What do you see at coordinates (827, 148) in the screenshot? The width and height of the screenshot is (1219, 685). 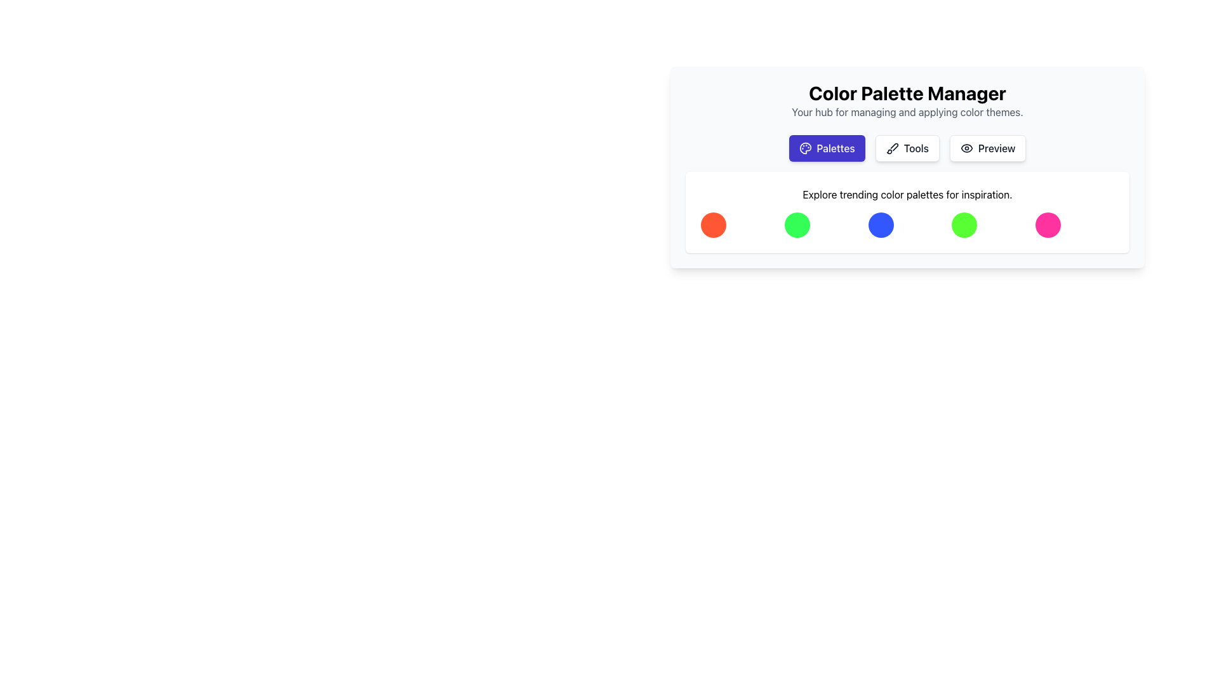 I see `the first button in the Color Palette Manager section that allows users to manage or view color palettes` at bounding box center [827, 148].